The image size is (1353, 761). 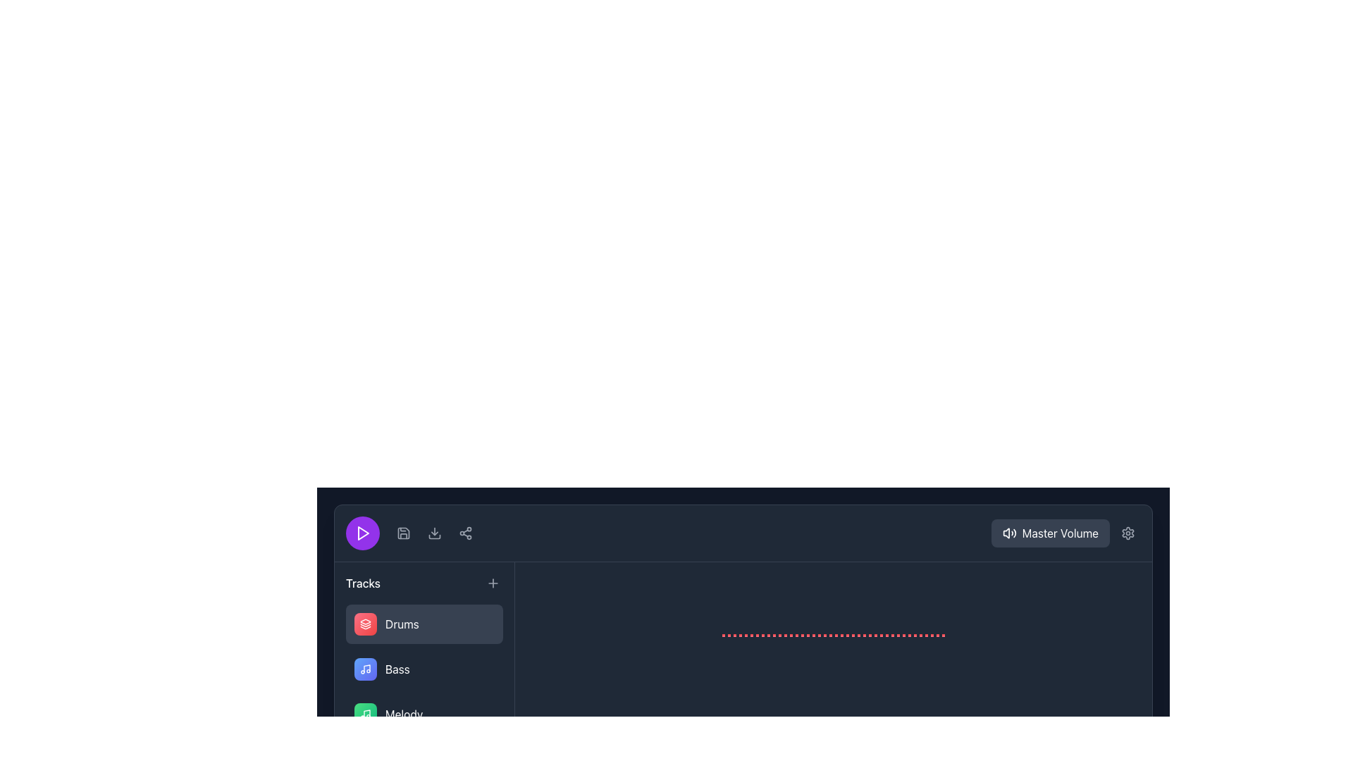 I want to click on the graphical visualization component consisting of thin vertical bars with gradient coloring from pinkish rose to deeper red, centrally positioned in the interface, so click(x=833, y=636).